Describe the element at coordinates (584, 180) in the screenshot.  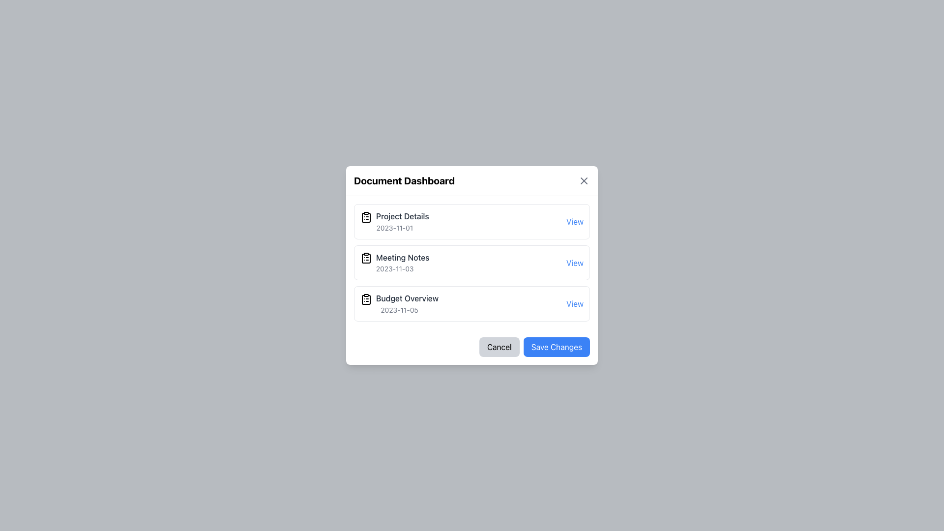
I see `the small diagonal cross icon in the upper-right corner of the 'Document Dashboard' dialog box, which is part of an SVG graphic` at that location.